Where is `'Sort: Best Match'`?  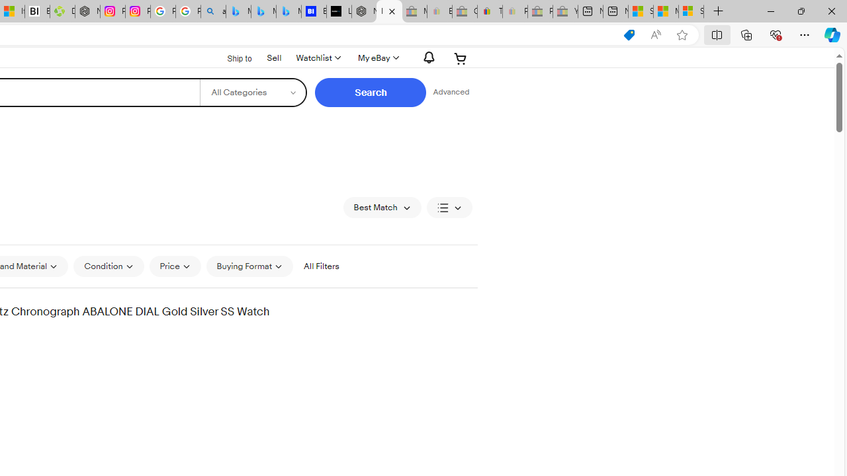 'Sort: Best Match' is located at coordinates (381, 207).